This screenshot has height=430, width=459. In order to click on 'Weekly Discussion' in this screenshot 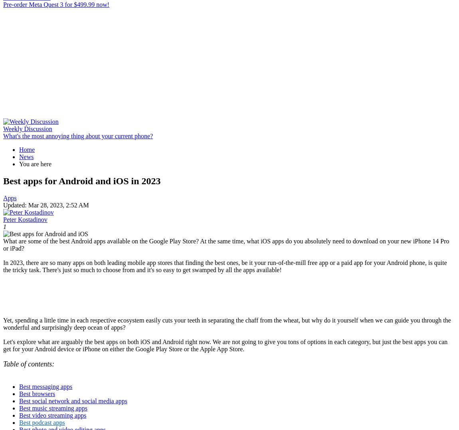, I will do `click(27, 129)`.